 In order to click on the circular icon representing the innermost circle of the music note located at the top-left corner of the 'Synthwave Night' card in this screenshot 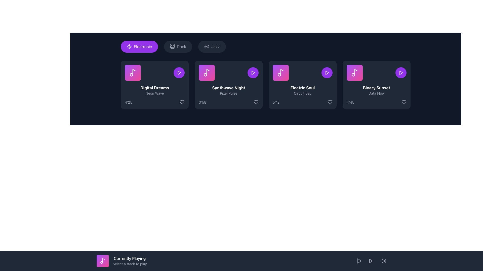, I will do `click(205, 75)`.